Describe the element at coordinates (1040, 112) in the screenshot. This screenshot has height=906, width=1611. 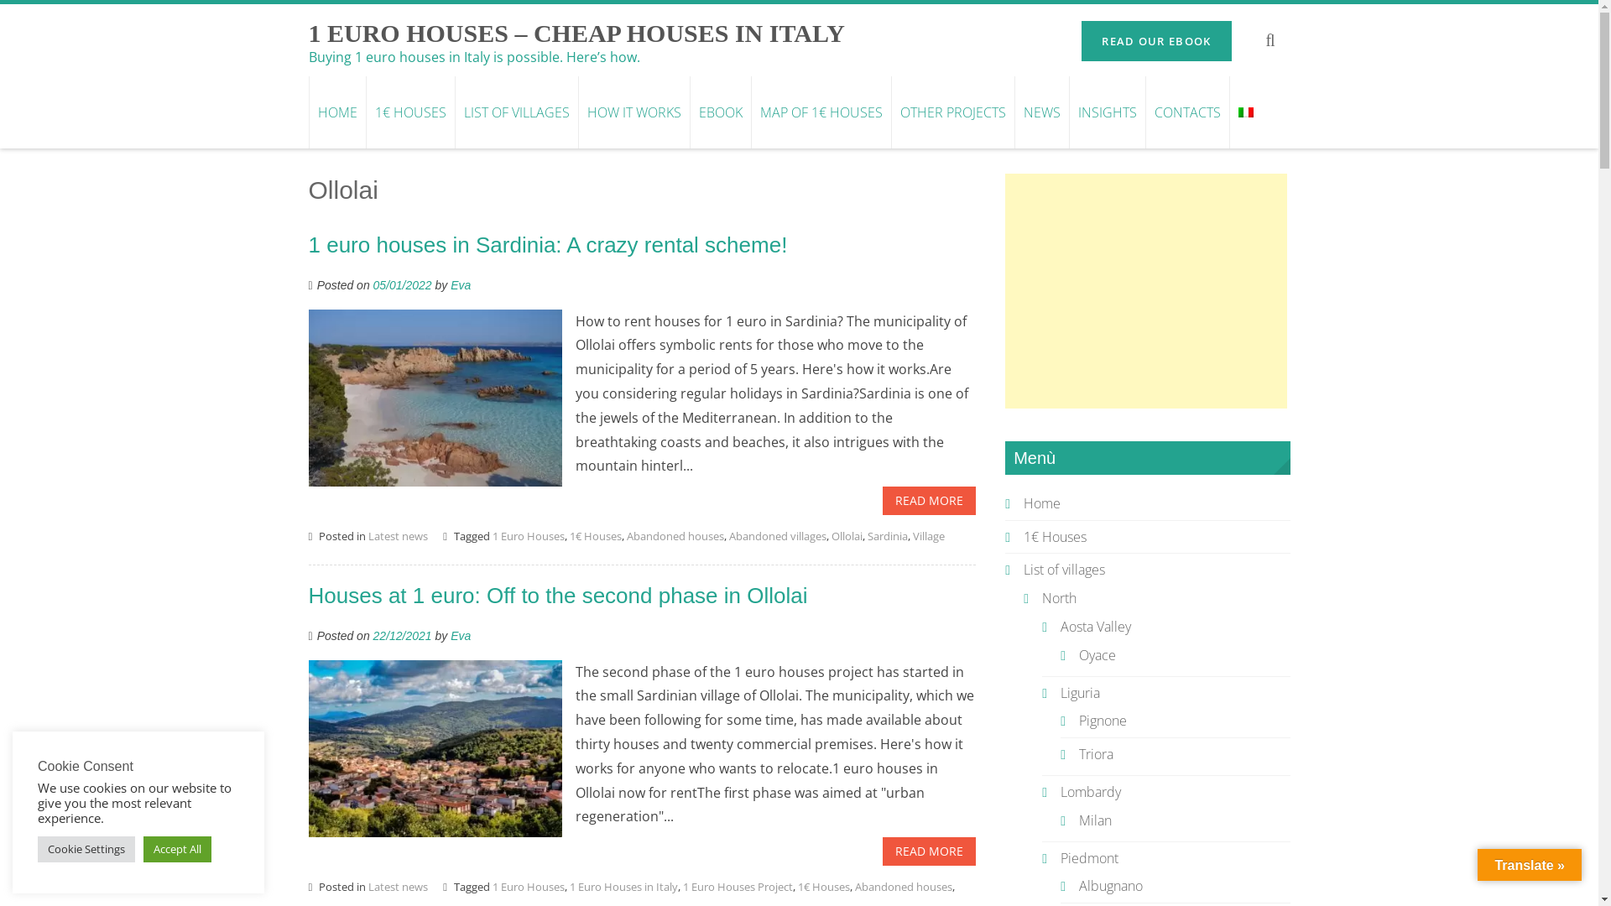
I see `'NEWS'` at that location.